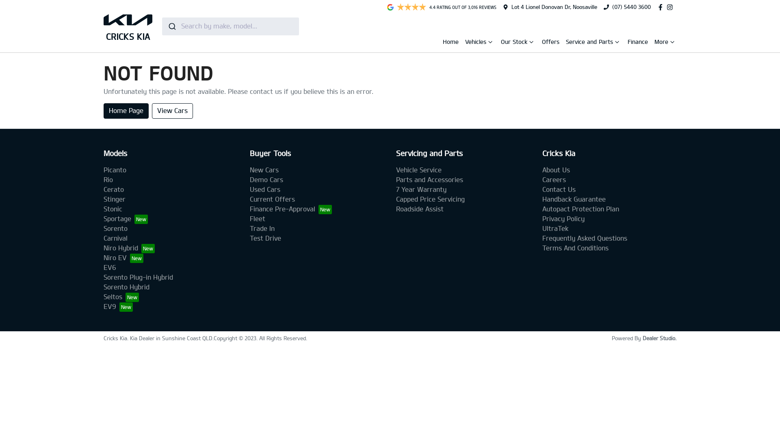 This screenshot has height=439, width=780. What do you see at coordinates (115, 238) in the screenshot?
I see `'Carnival'` at bounding box center [115, 238].